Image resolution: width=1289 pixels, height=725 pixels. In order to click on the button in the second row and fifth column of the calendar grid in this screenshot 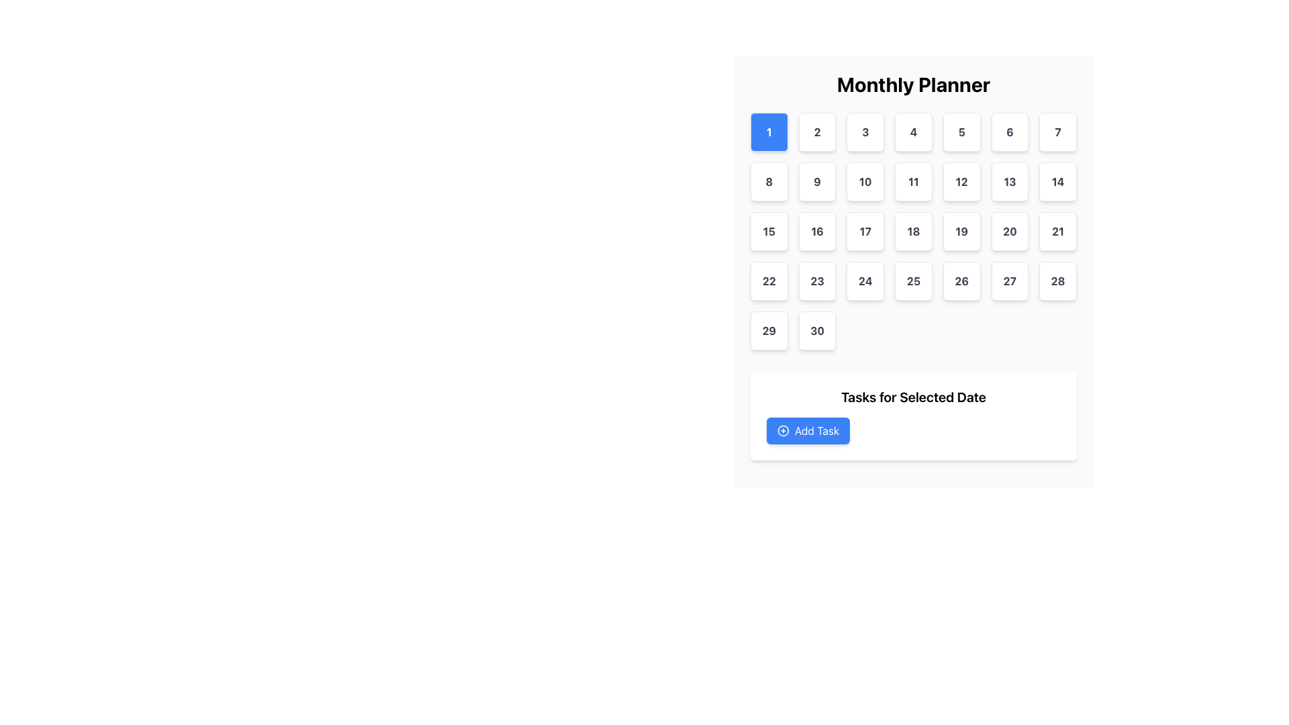, I will do `click(961, 181)`.